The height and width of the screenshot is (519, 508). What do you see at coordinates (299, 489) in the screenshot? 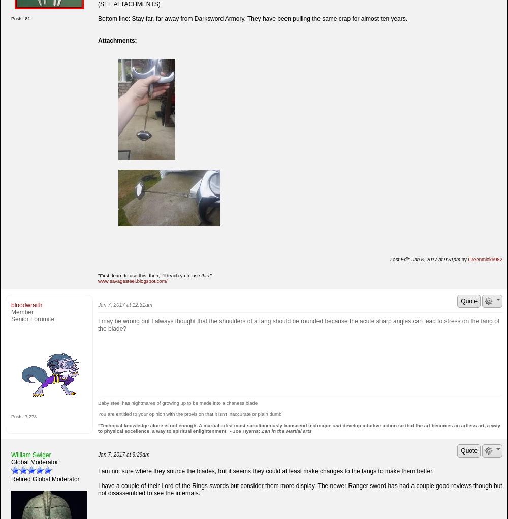
I see `'I have a couple of their Lord of the Rings swords but consider them more display.  The newer Ranger sword has had a couple good reviews though but not disassembled to see the internals.'` at bounding box center [299, 489].